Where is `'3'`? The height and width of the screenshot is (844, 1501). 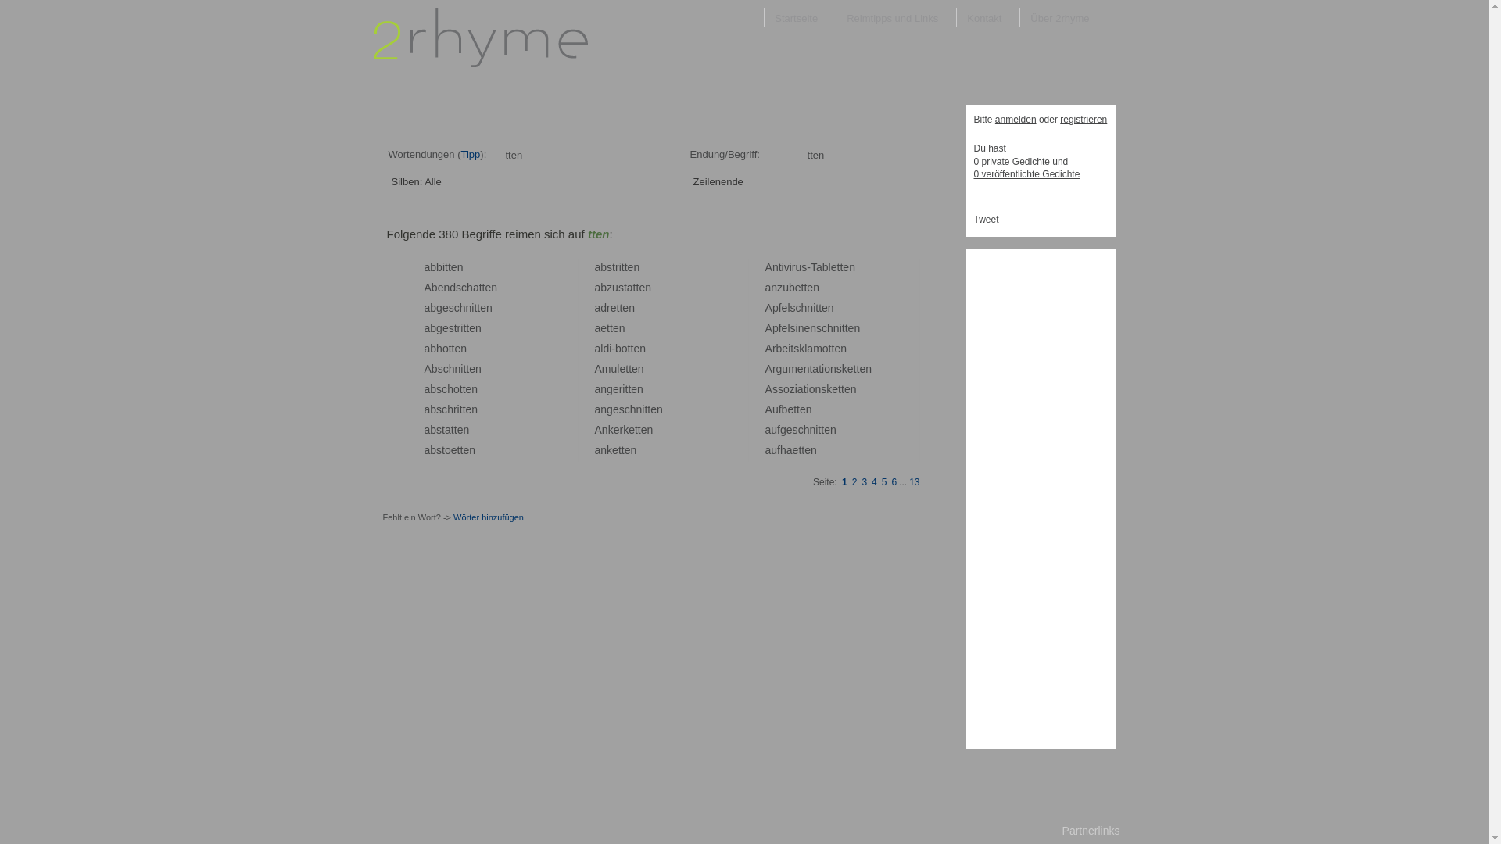 '3' is located at coordinates (863, 481).